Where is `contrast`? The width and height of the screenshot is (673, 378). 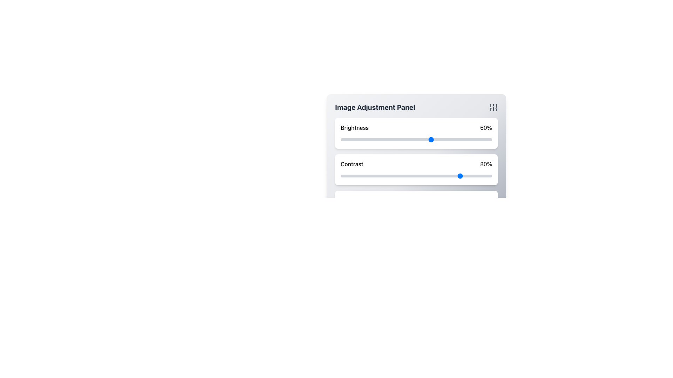 contrast is located at coordinates (460, 175).